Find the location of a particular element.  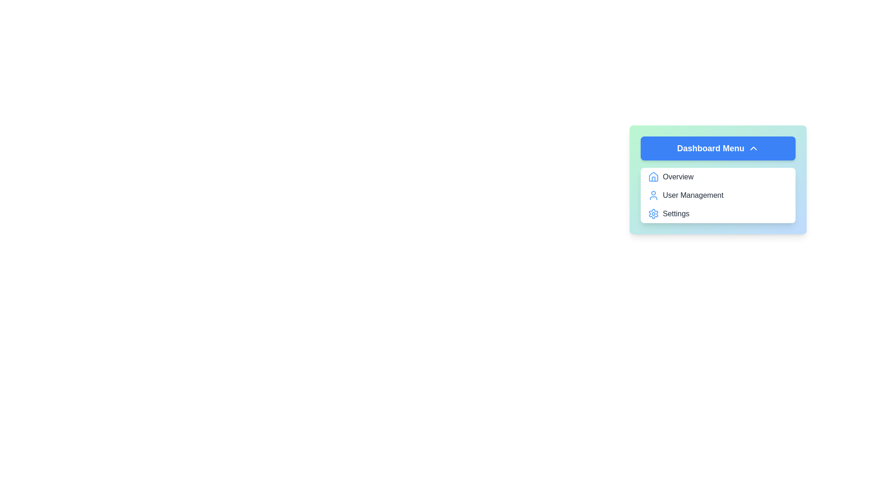

the menu item Overview from the Dashboard Menu is located at coordinates (670, 177).